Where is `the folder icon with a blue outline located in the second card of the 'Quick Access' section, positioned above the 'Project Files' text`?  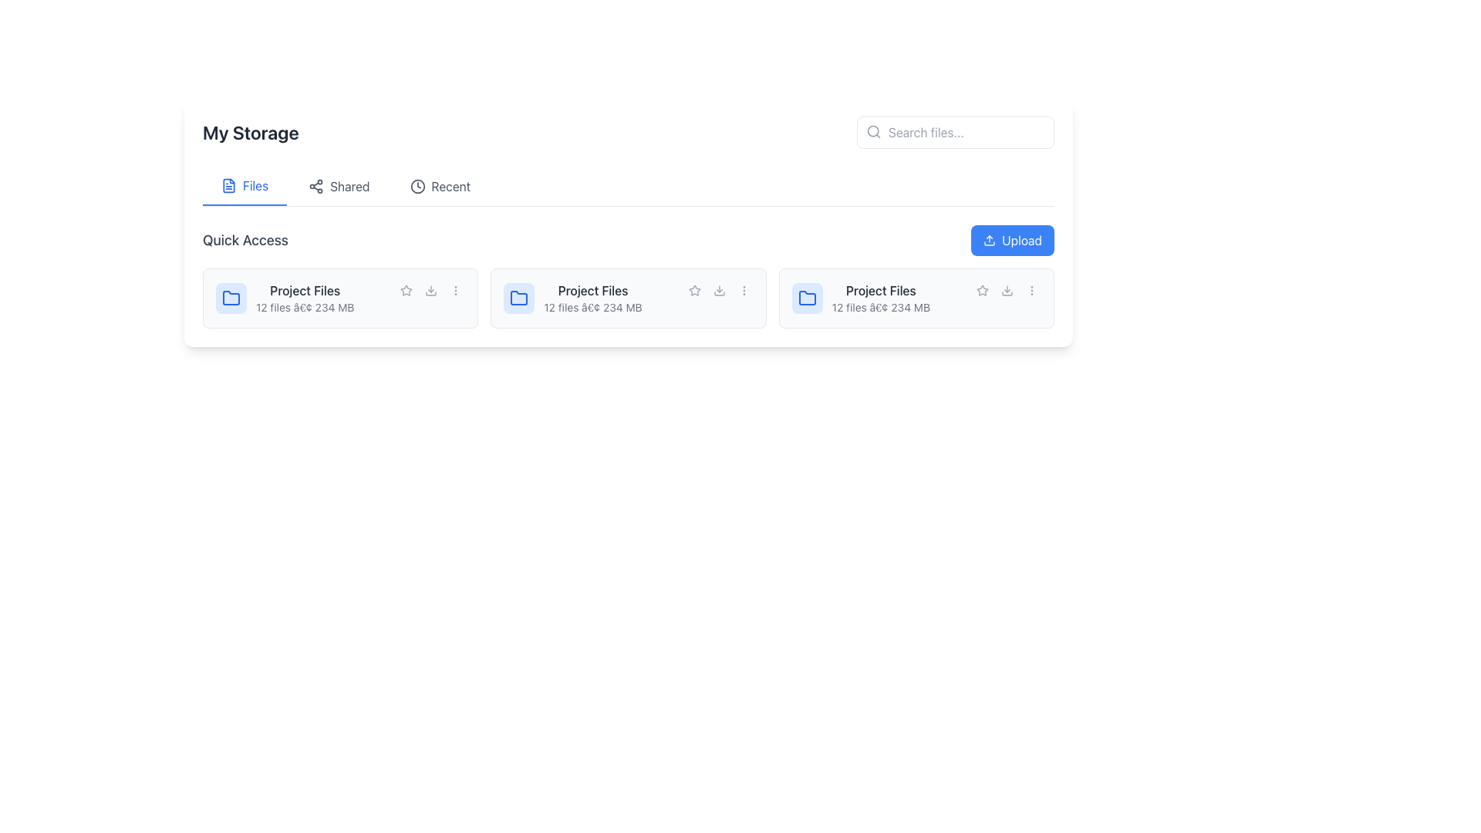 the folder icon with a blue outline located in the second card of the 'Quick Access' section, positioned above the 'Project Files' text is located at coordinates (519, 298).